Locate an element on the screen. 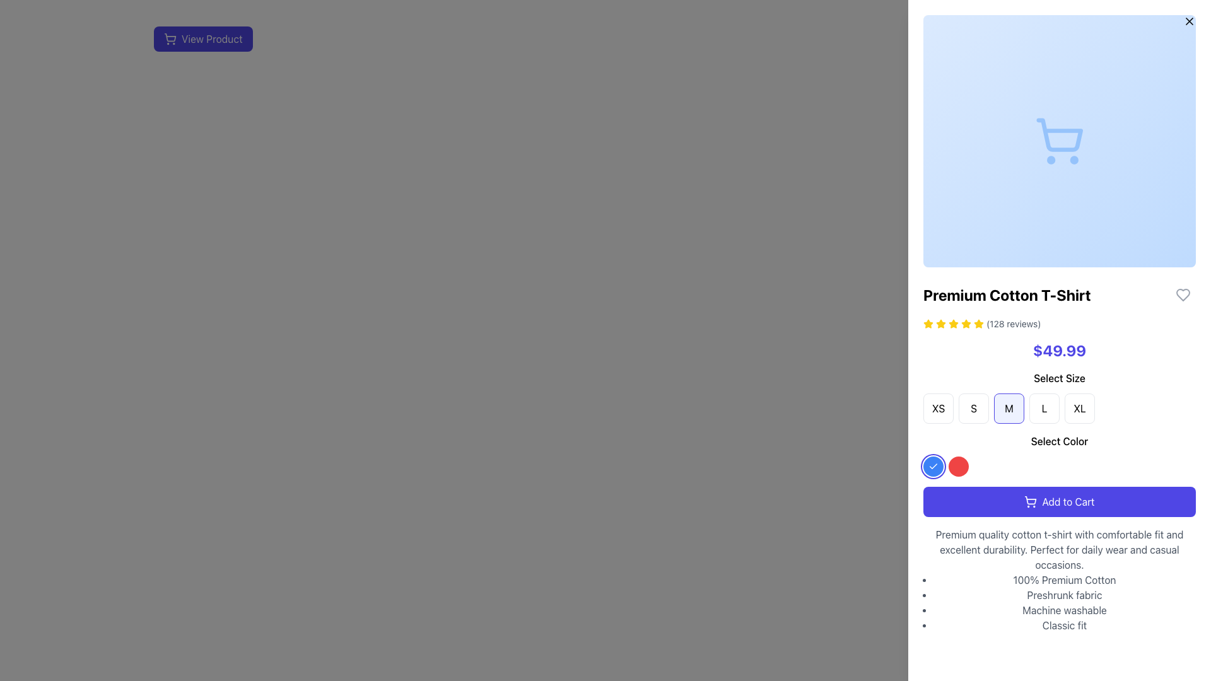 Image resolution: width=1211 pixels, height=681 pixels. the fifth yellow star icon in the horizontal group of rating stars, which is part of the section labeled '(128 reviews)' near the top center-right of the interface is located at coordinates (965, 323).